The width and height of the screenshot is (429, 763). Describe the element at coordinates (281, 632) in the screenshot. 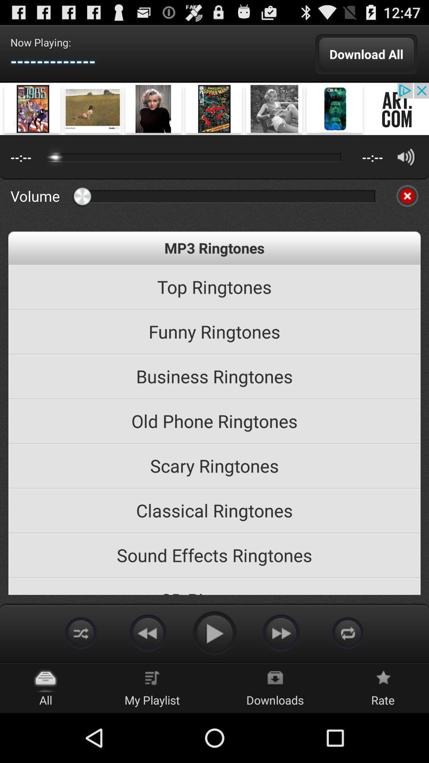

I see `next song` at that location.